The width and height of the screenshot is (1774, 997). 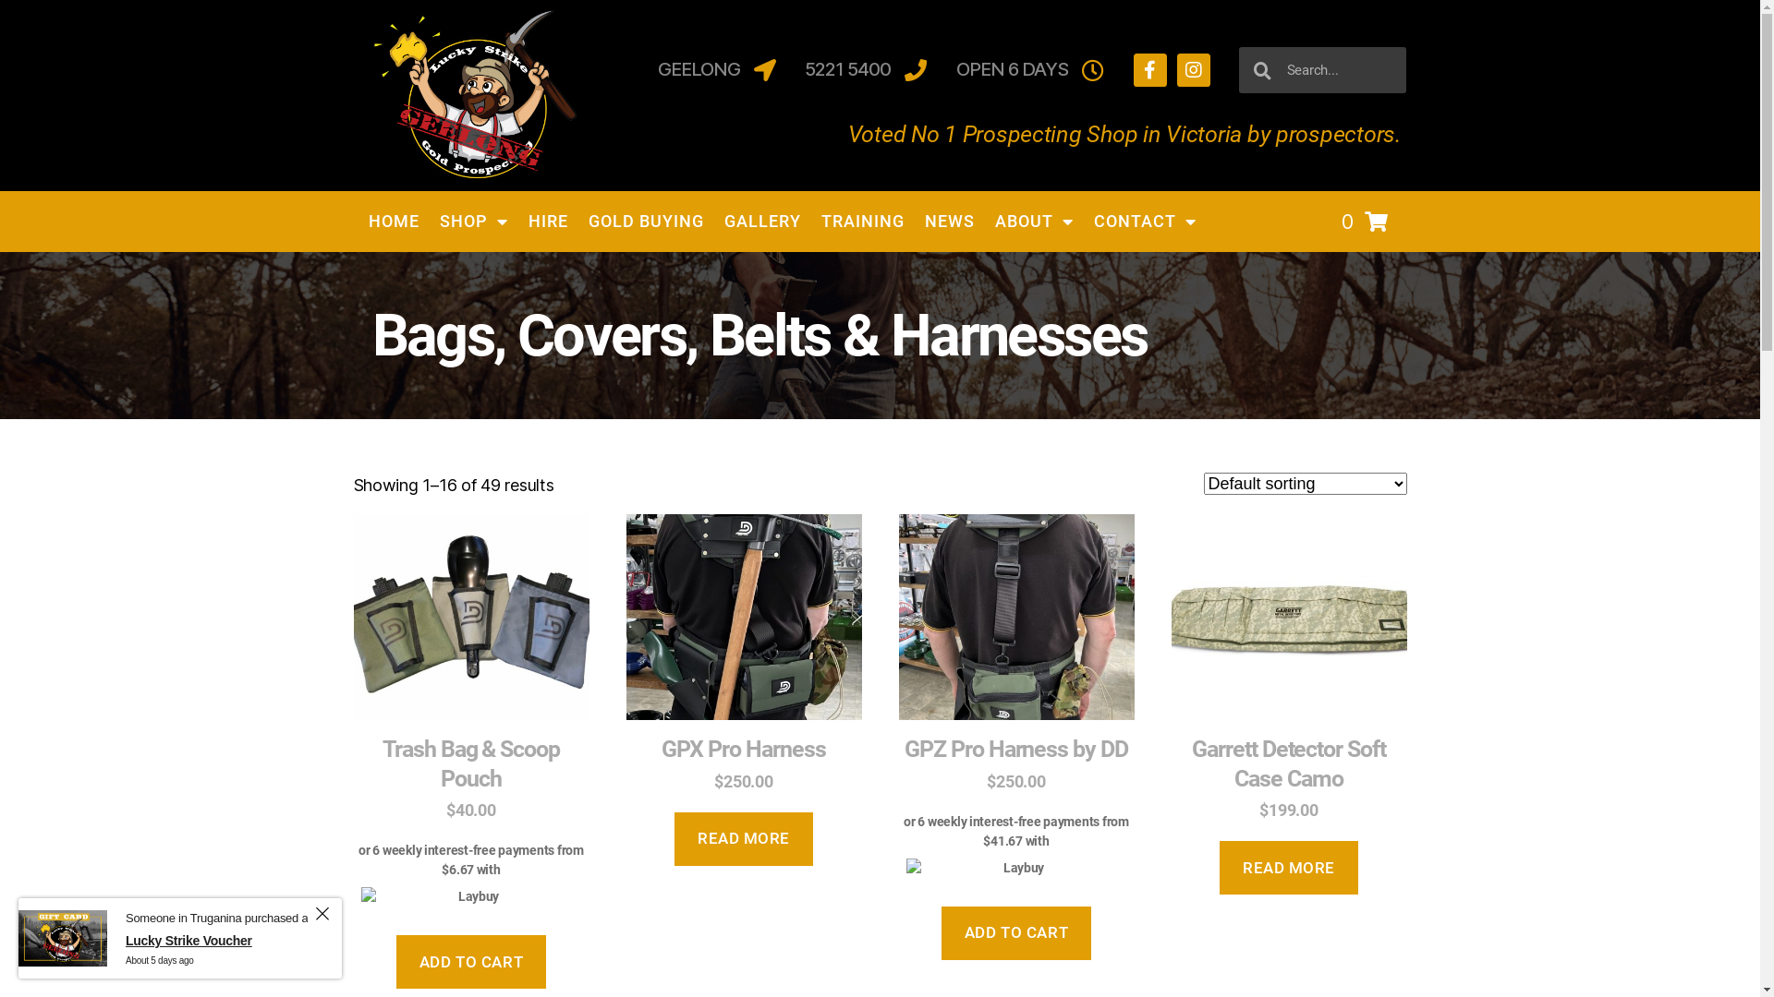 I want to click on 'NEWS', so click(x=914, y=220).